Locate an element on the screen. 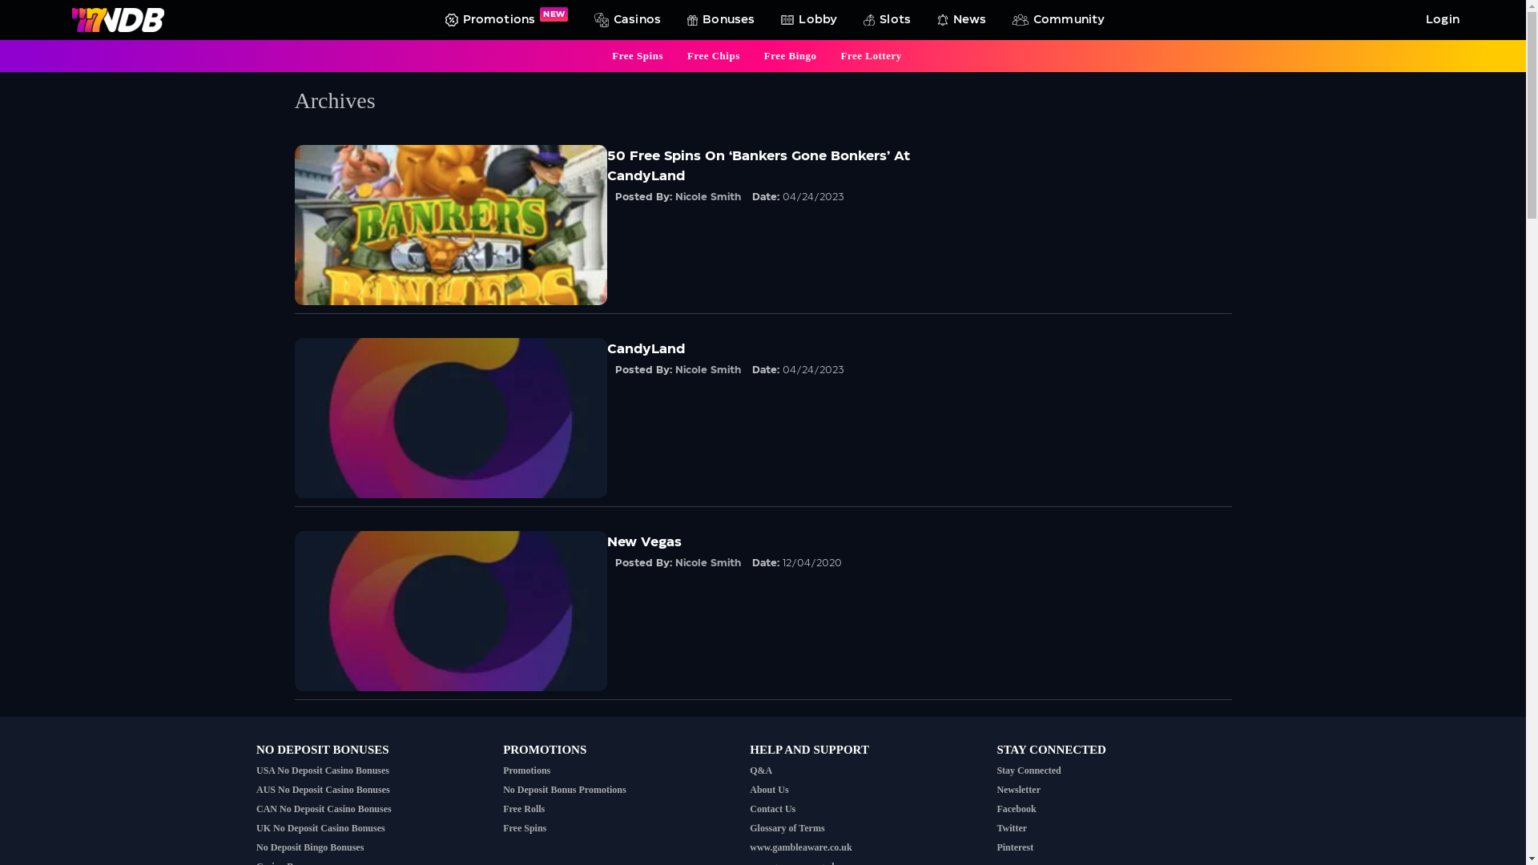 The width and height of the screenshot is (1538, 865). 'No Deposit Bingo Bonuses' is located at coordinates (310, 846).